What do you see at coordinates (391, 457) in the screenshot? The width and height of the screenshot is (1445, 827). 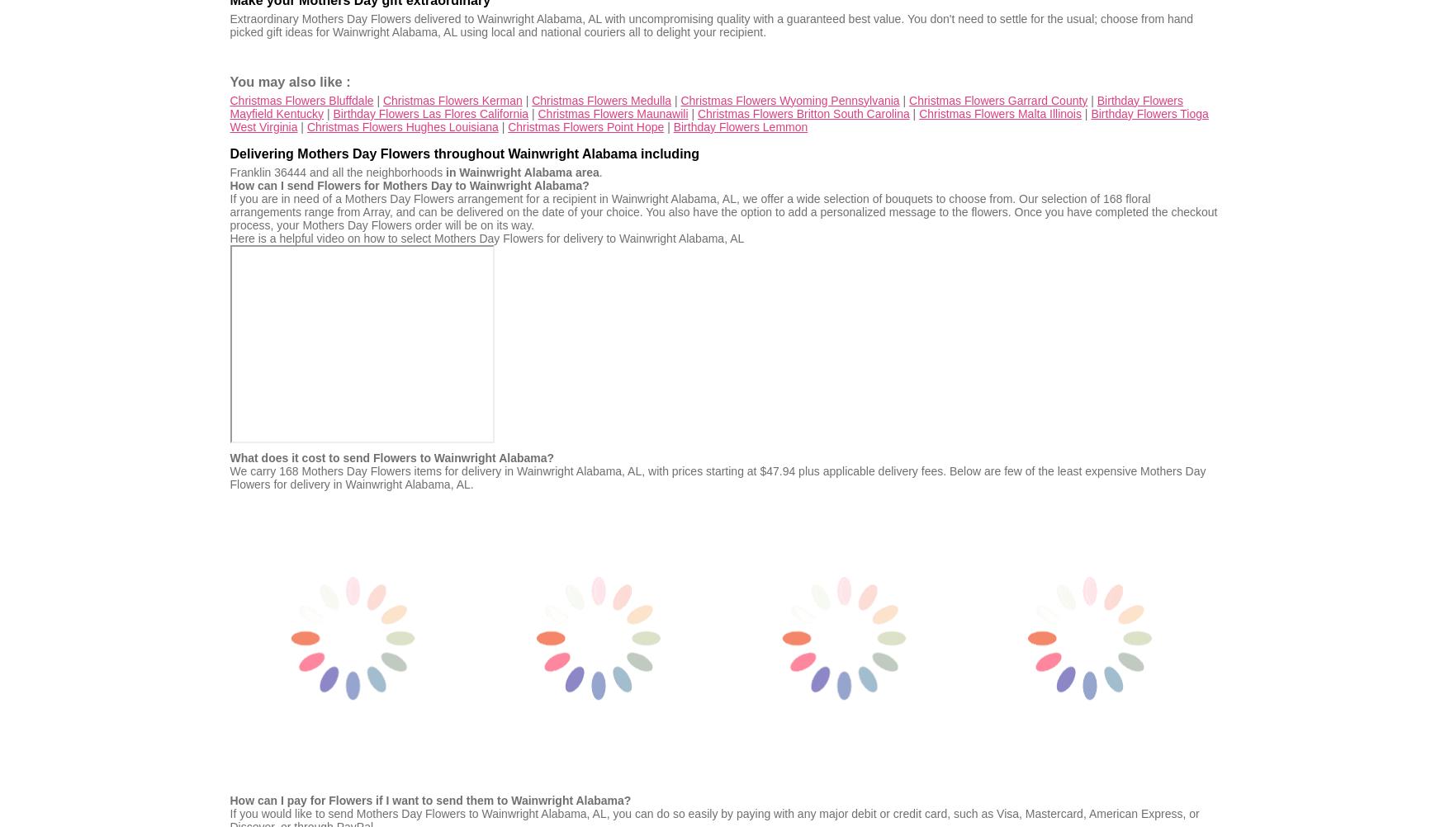 I see `'What does it cost to send Flowers to Wainwright Alabama?'` at bounding box center [391, 457].